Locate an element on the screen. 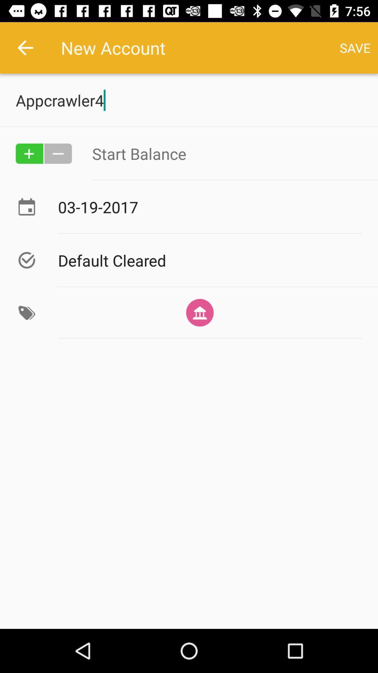  clock on the first icon from the bottom of the page is located at coordinates (26, 312).